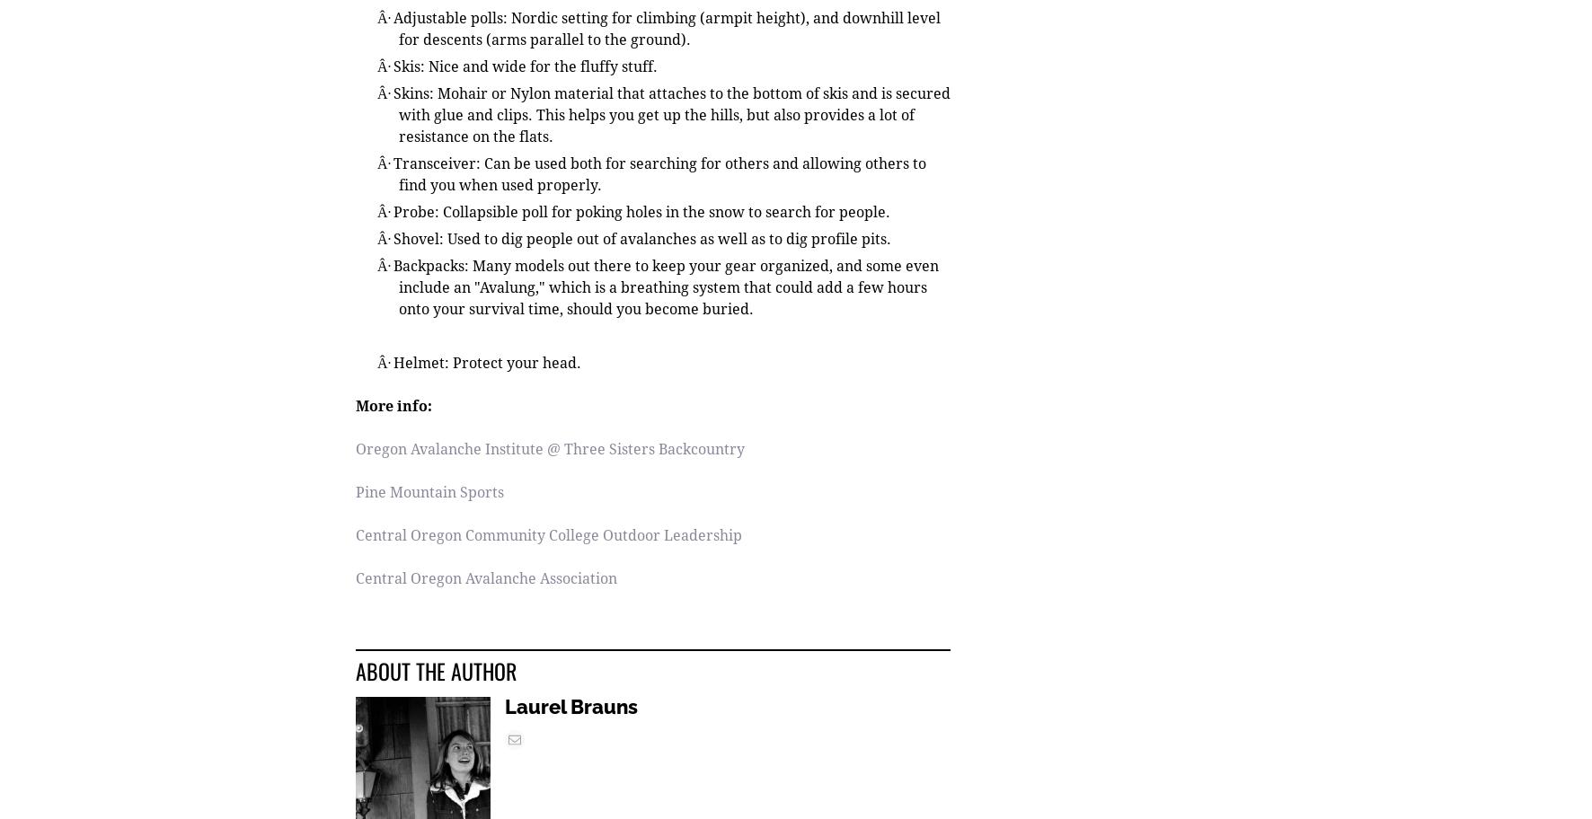  Describe the element at coordinates (392, 115) in the screenshot. I see `'Skins: Mohair or Nylon material that attaches to the bottom of skis and is secured with glue and clips. This helps you get up the hills, but also provides a lot of resistance on the flats.'` at that location.